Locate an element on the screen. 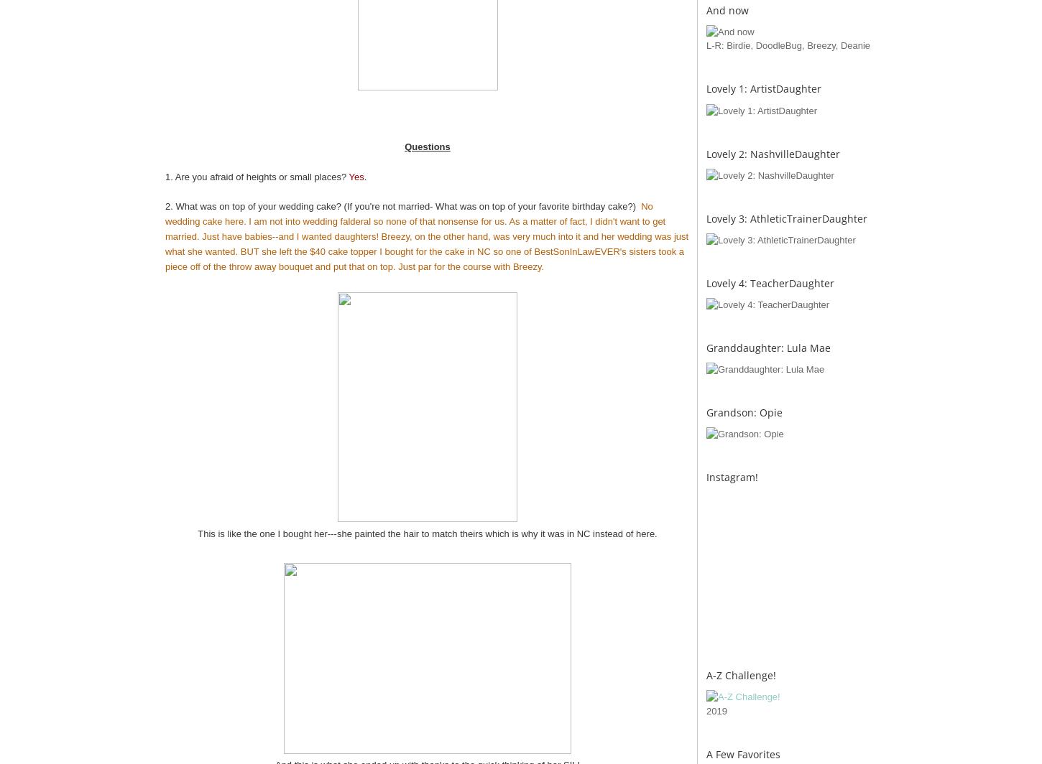 This screenshot has width=1042, height=764. 'Grandson: Opie' is located at coordinates (744, 411).